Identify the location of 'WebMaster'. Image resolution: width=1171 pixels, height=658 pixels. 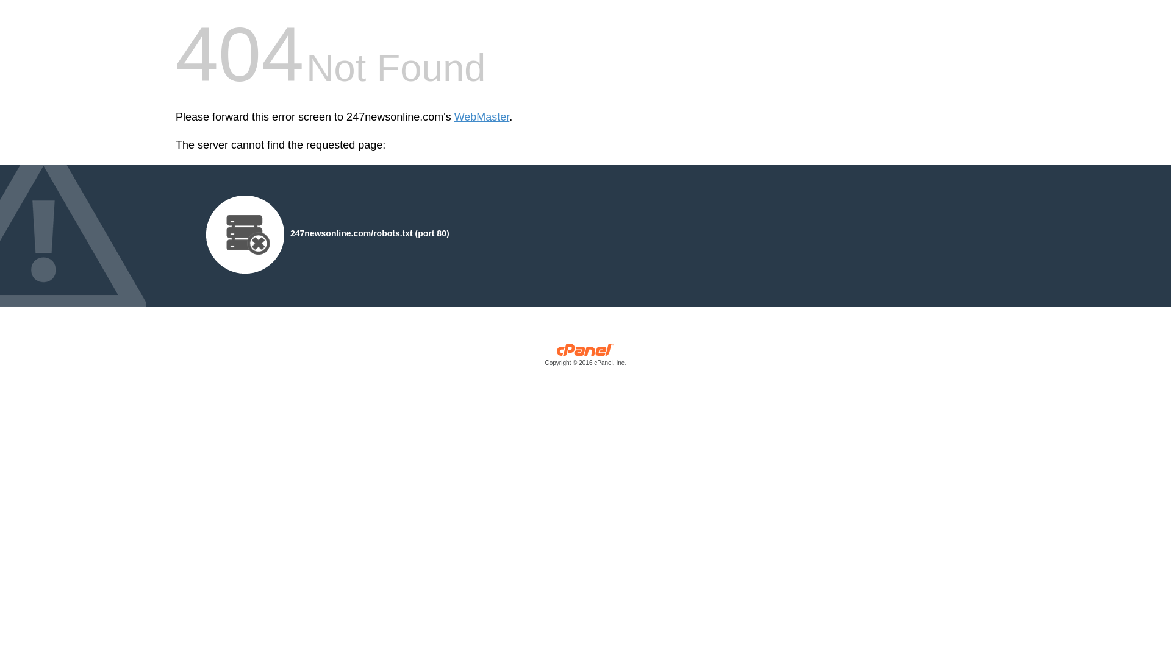
(481, 117).